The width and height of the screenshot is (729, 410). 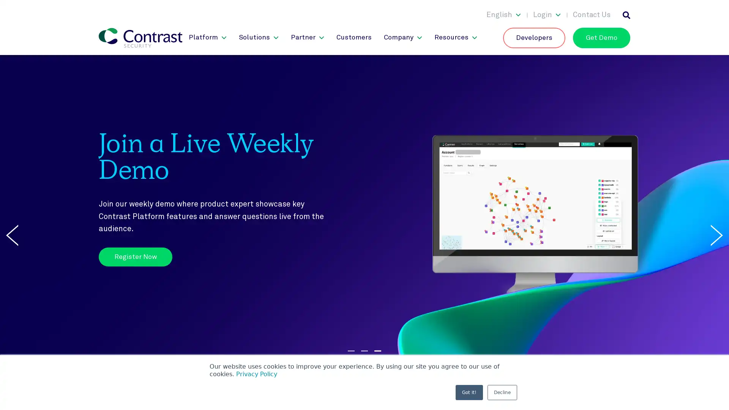 What do you see at coordinates (502, 392) in the screenshot?
I see `Decline` at bounding box center [502, 392].